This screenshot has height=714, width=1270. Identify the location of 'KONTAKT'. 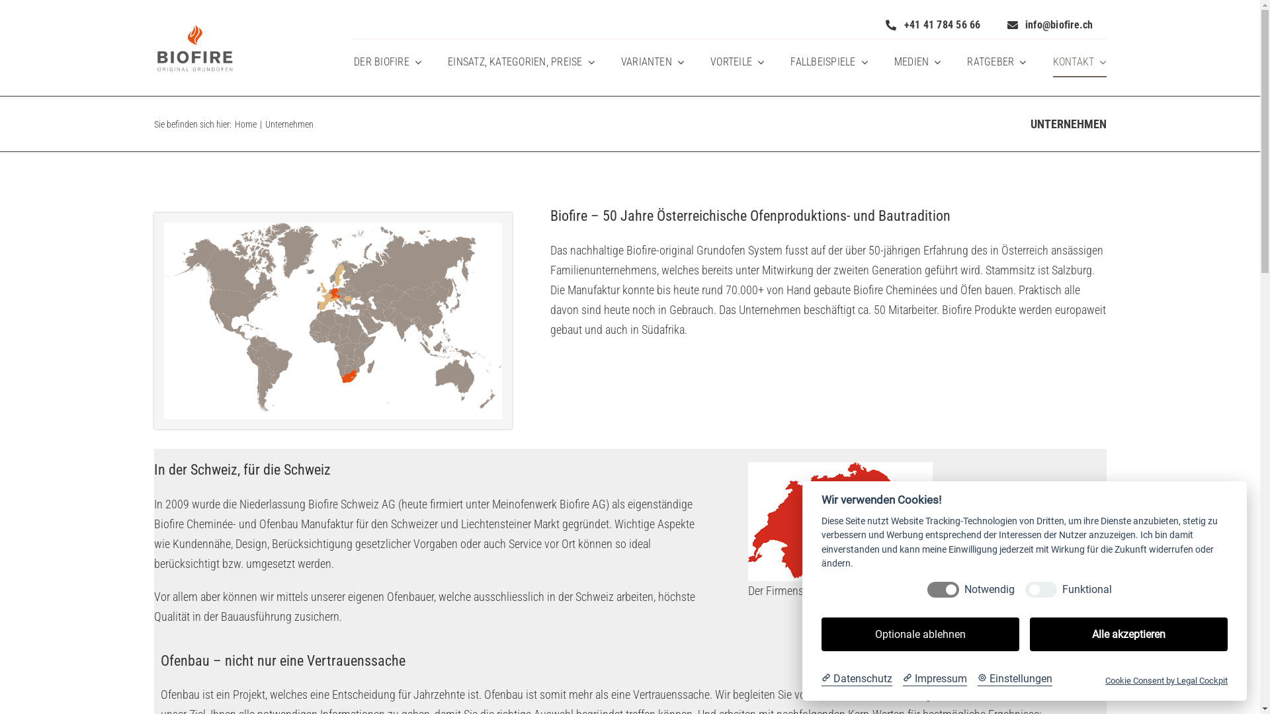
(1079, 62).